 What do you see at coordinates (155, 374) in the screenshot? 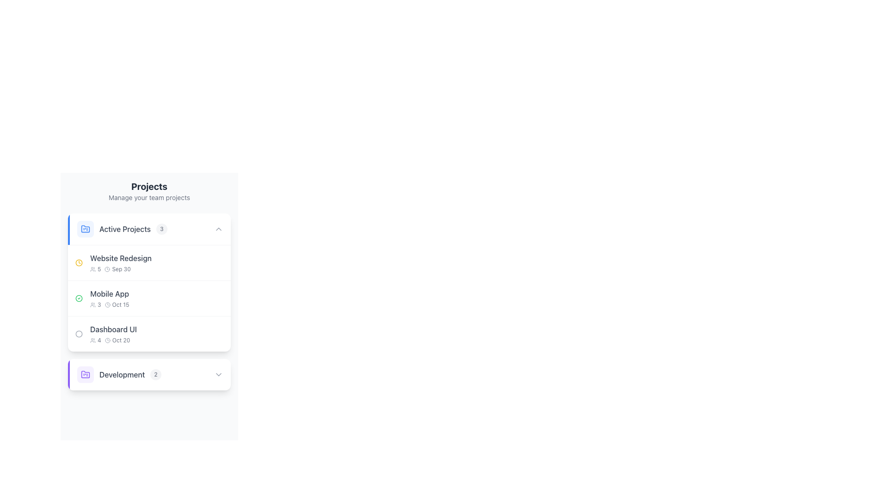
I see `the Badge that indicates a numerical value associated with the 'Development' section, positioned at the far right below the 'Dashboard UI' entry` at bounding box center [155, 374].